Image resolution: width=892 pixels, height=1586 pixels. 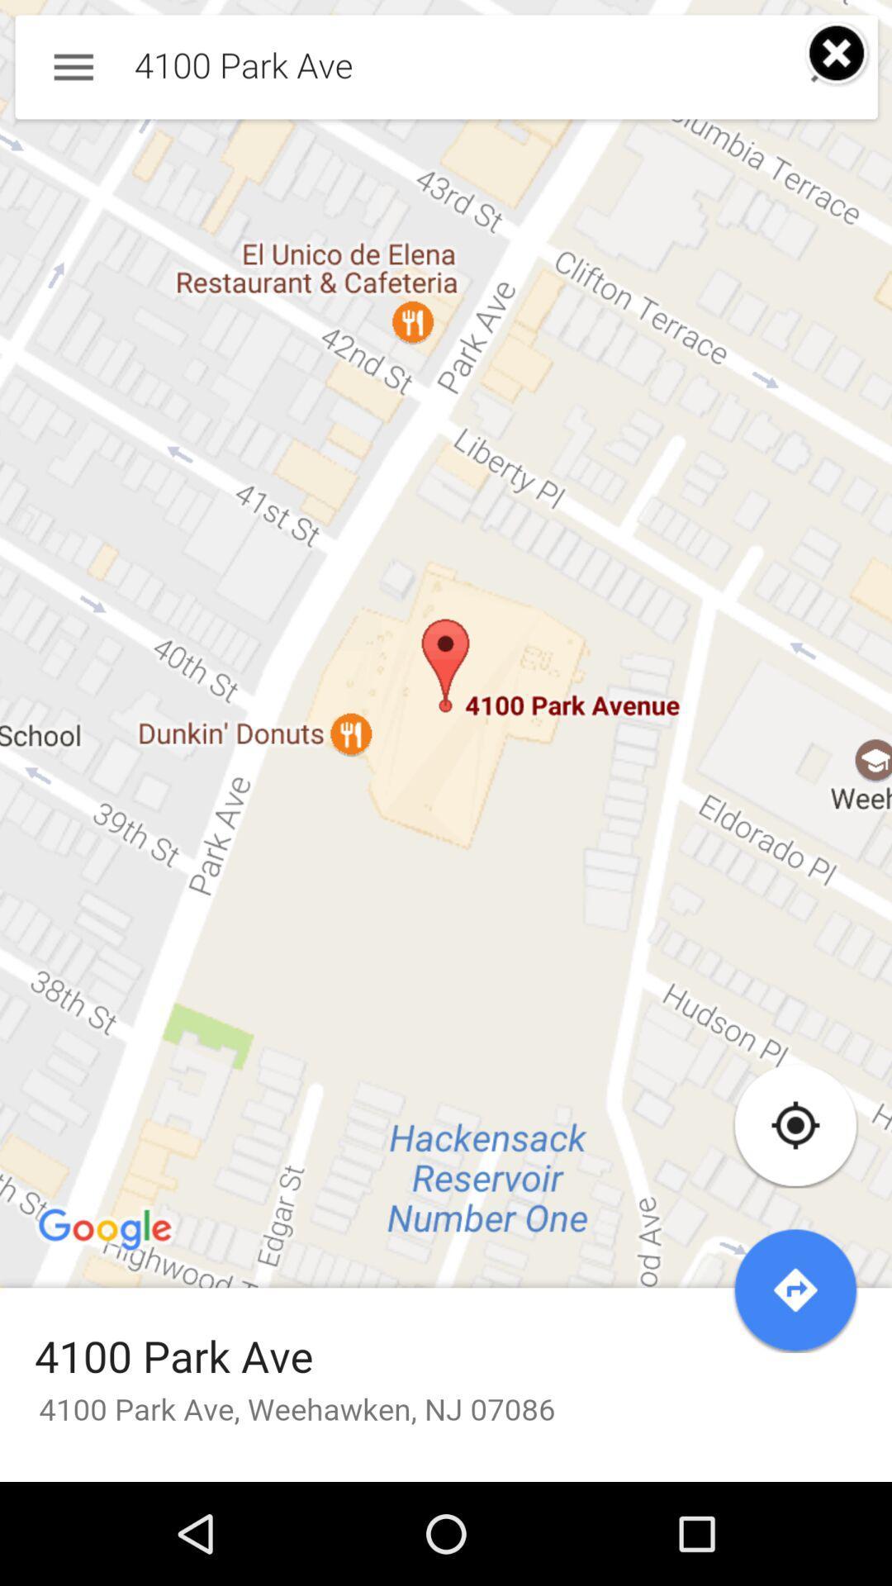 What do you see at coordinates (837, 58) in the screenshot?
I see `the close icon` at bounding box center [837, 58].